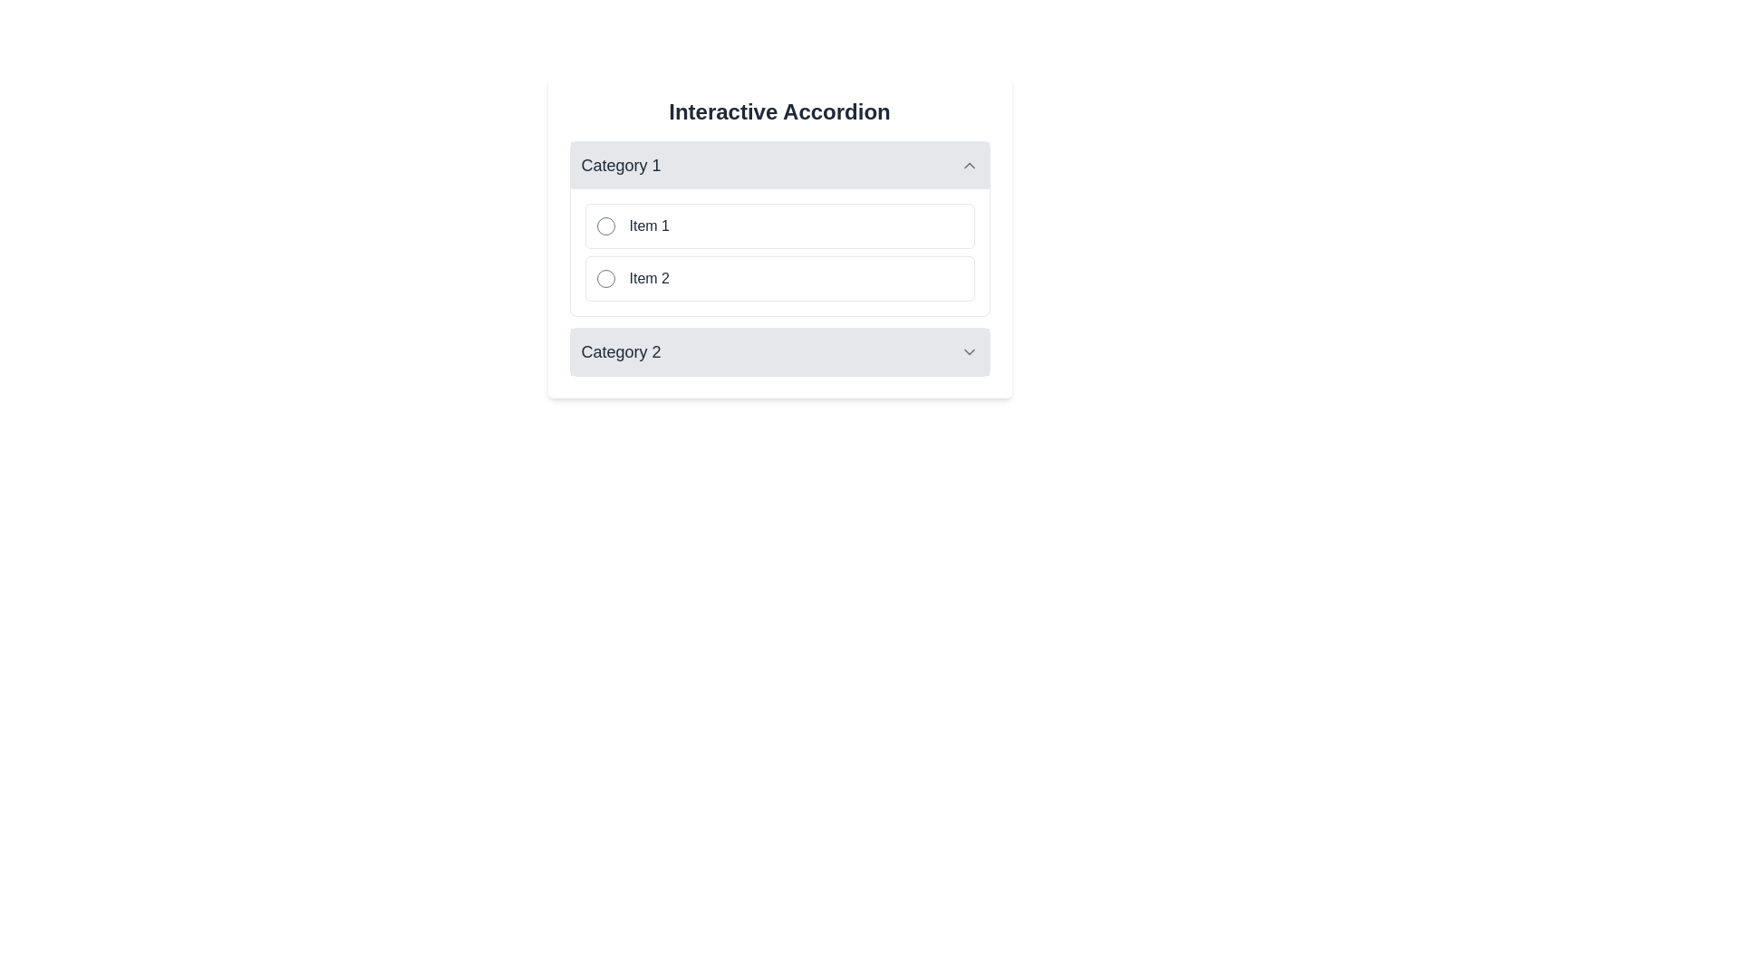  I want to click on the toggle icon on the rightmost side of the 'Category 2' section, so click(968, 352).